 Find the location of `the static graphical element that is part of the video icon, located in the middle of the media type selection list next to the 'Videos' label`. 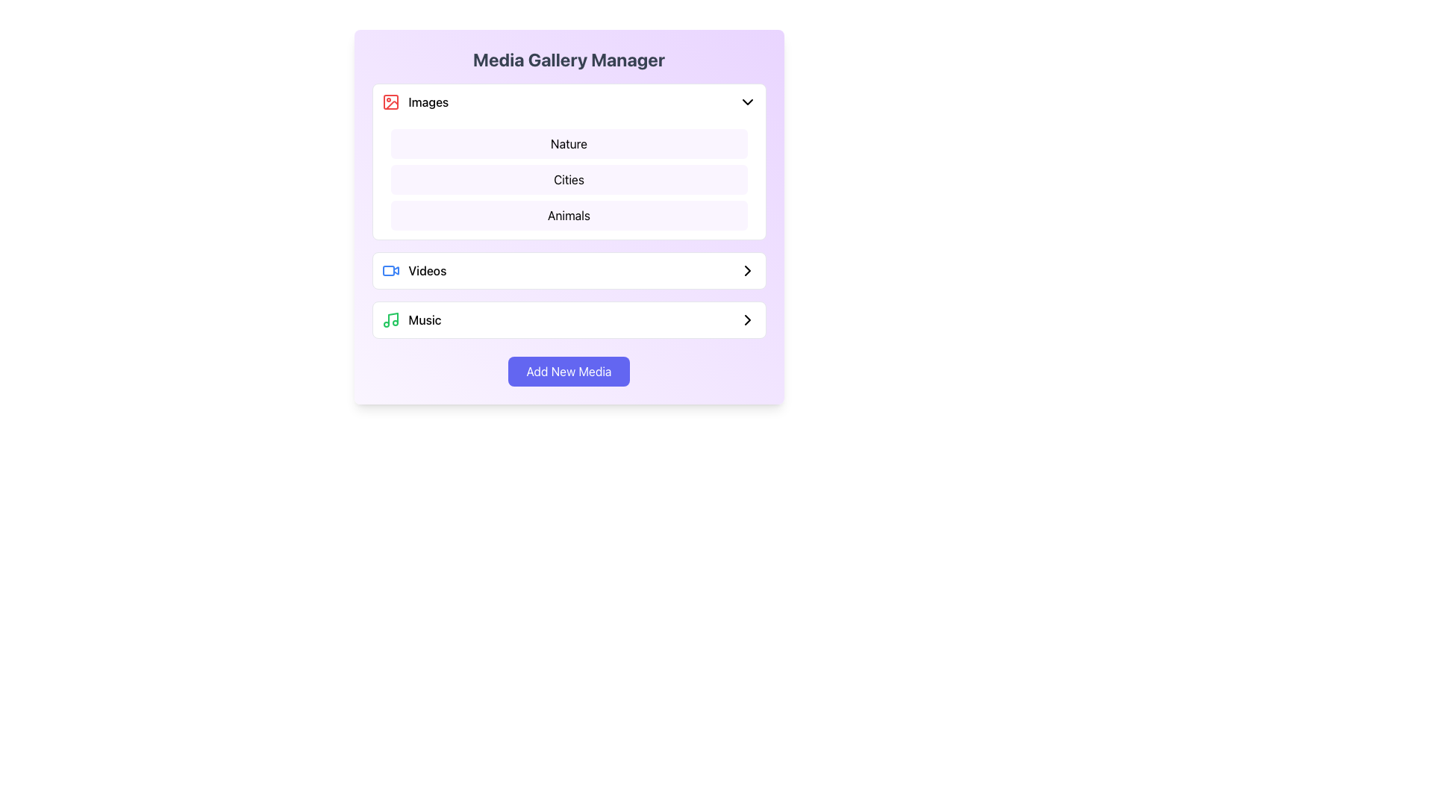

the static graphical element that is part of the video icon, located in the middle of the media type selection list next to the 'Videos' label is located at coordinates (388, 270).